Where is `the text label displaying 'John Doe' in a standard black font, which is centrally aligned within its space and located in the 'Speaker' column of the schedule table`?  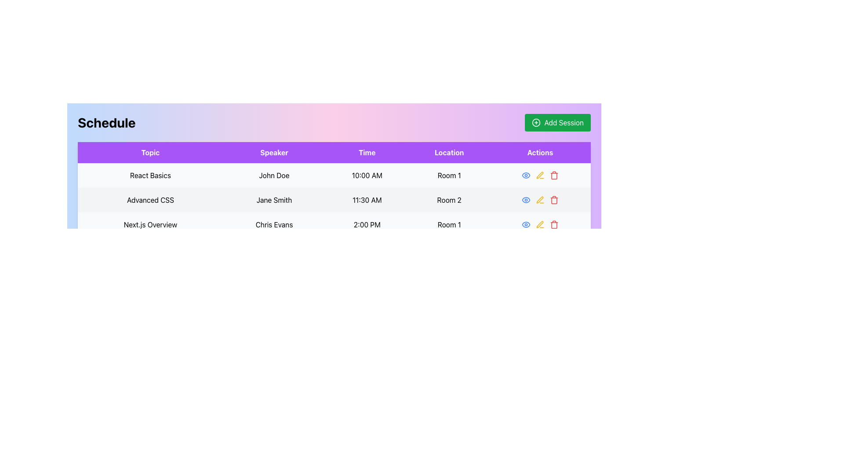 the text label displaying 'John Doe' in a standard black font, which is centrally aligned within its space and located in the 'Speaker' column of the schedule table is located at coordinates (274, 175).